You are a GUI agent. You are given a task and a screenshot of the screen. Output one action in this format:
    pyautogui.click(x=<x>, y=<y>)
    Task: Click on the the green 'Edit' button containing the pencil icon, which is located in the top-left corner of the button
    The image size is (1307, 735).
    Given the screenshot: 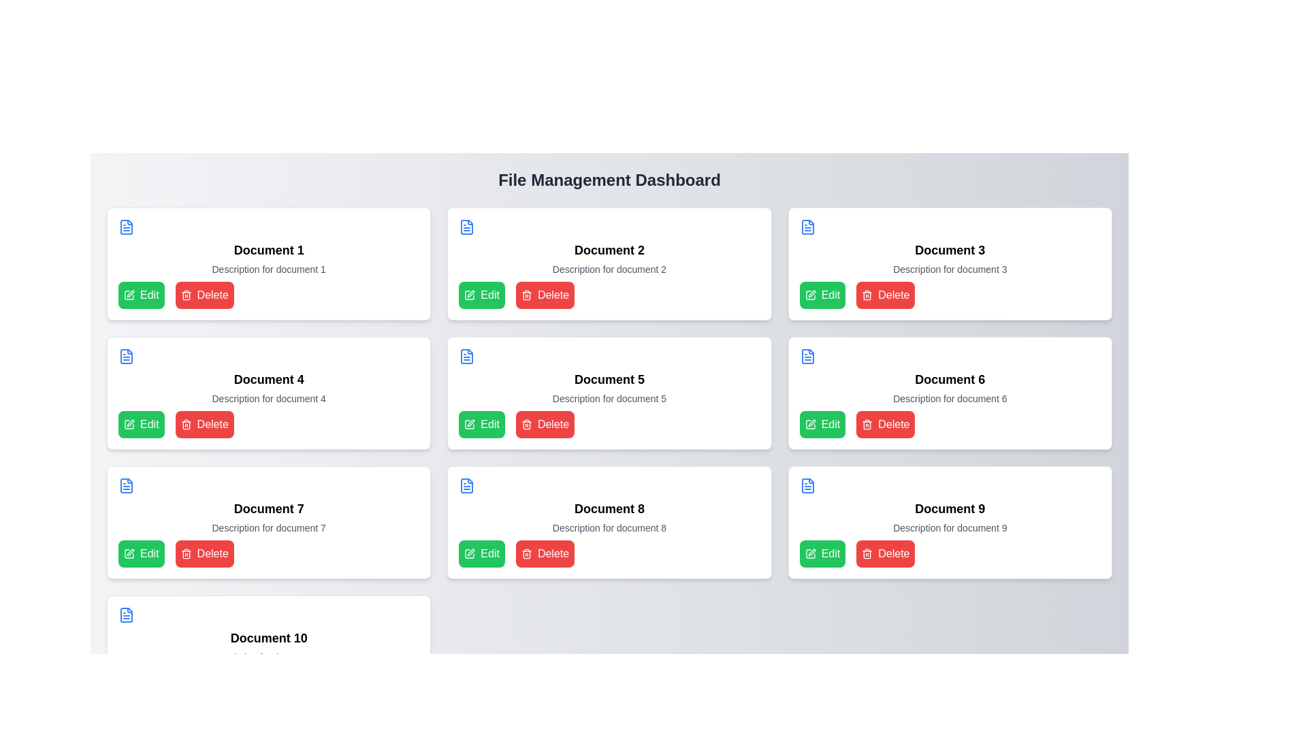 What is the action you would take?
    pyautogui.click(x=810, y=295)
    